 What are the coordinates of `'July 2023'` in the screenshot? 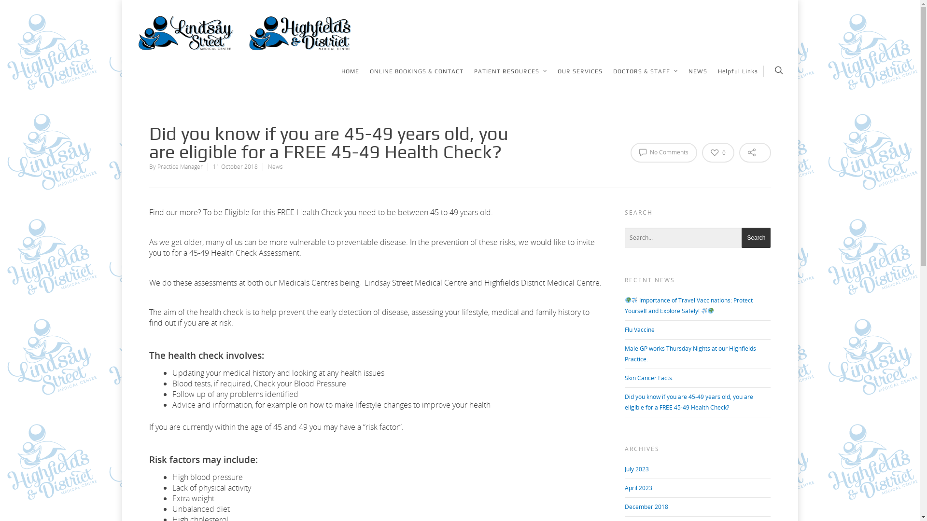 It's located at (637, 468).